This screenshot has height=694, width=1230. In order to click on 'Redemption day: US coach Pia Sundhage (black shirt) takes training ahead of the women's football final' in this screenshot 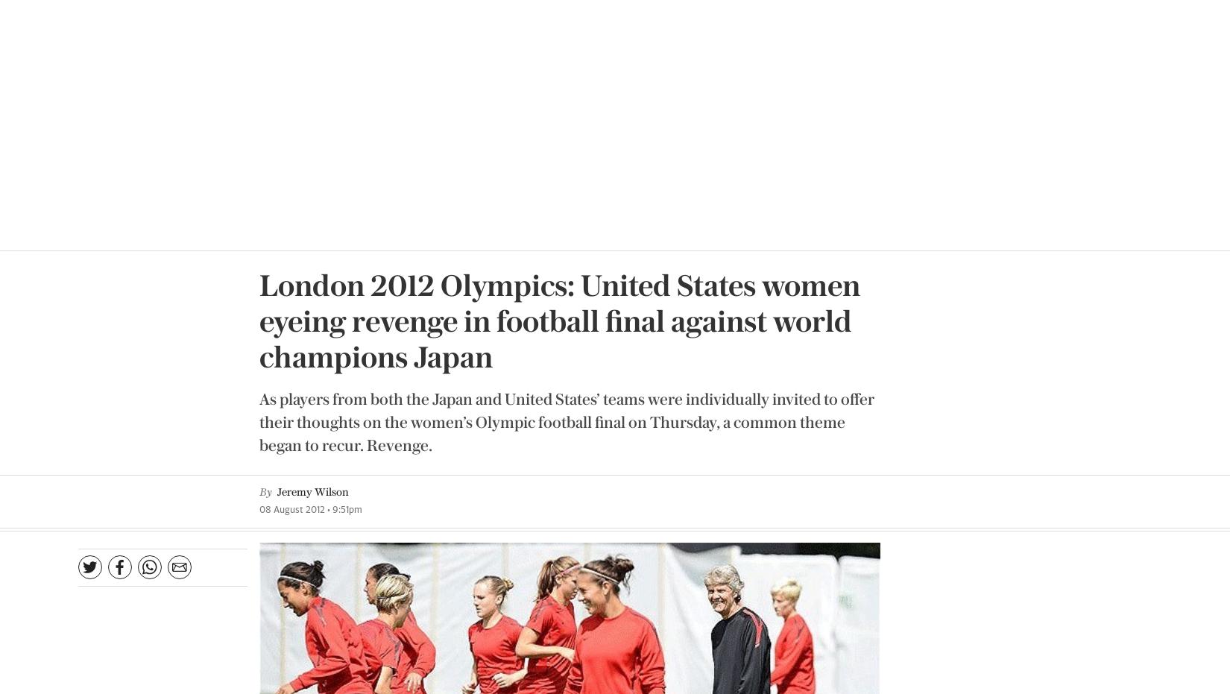, I will do `click(468, 375)`.